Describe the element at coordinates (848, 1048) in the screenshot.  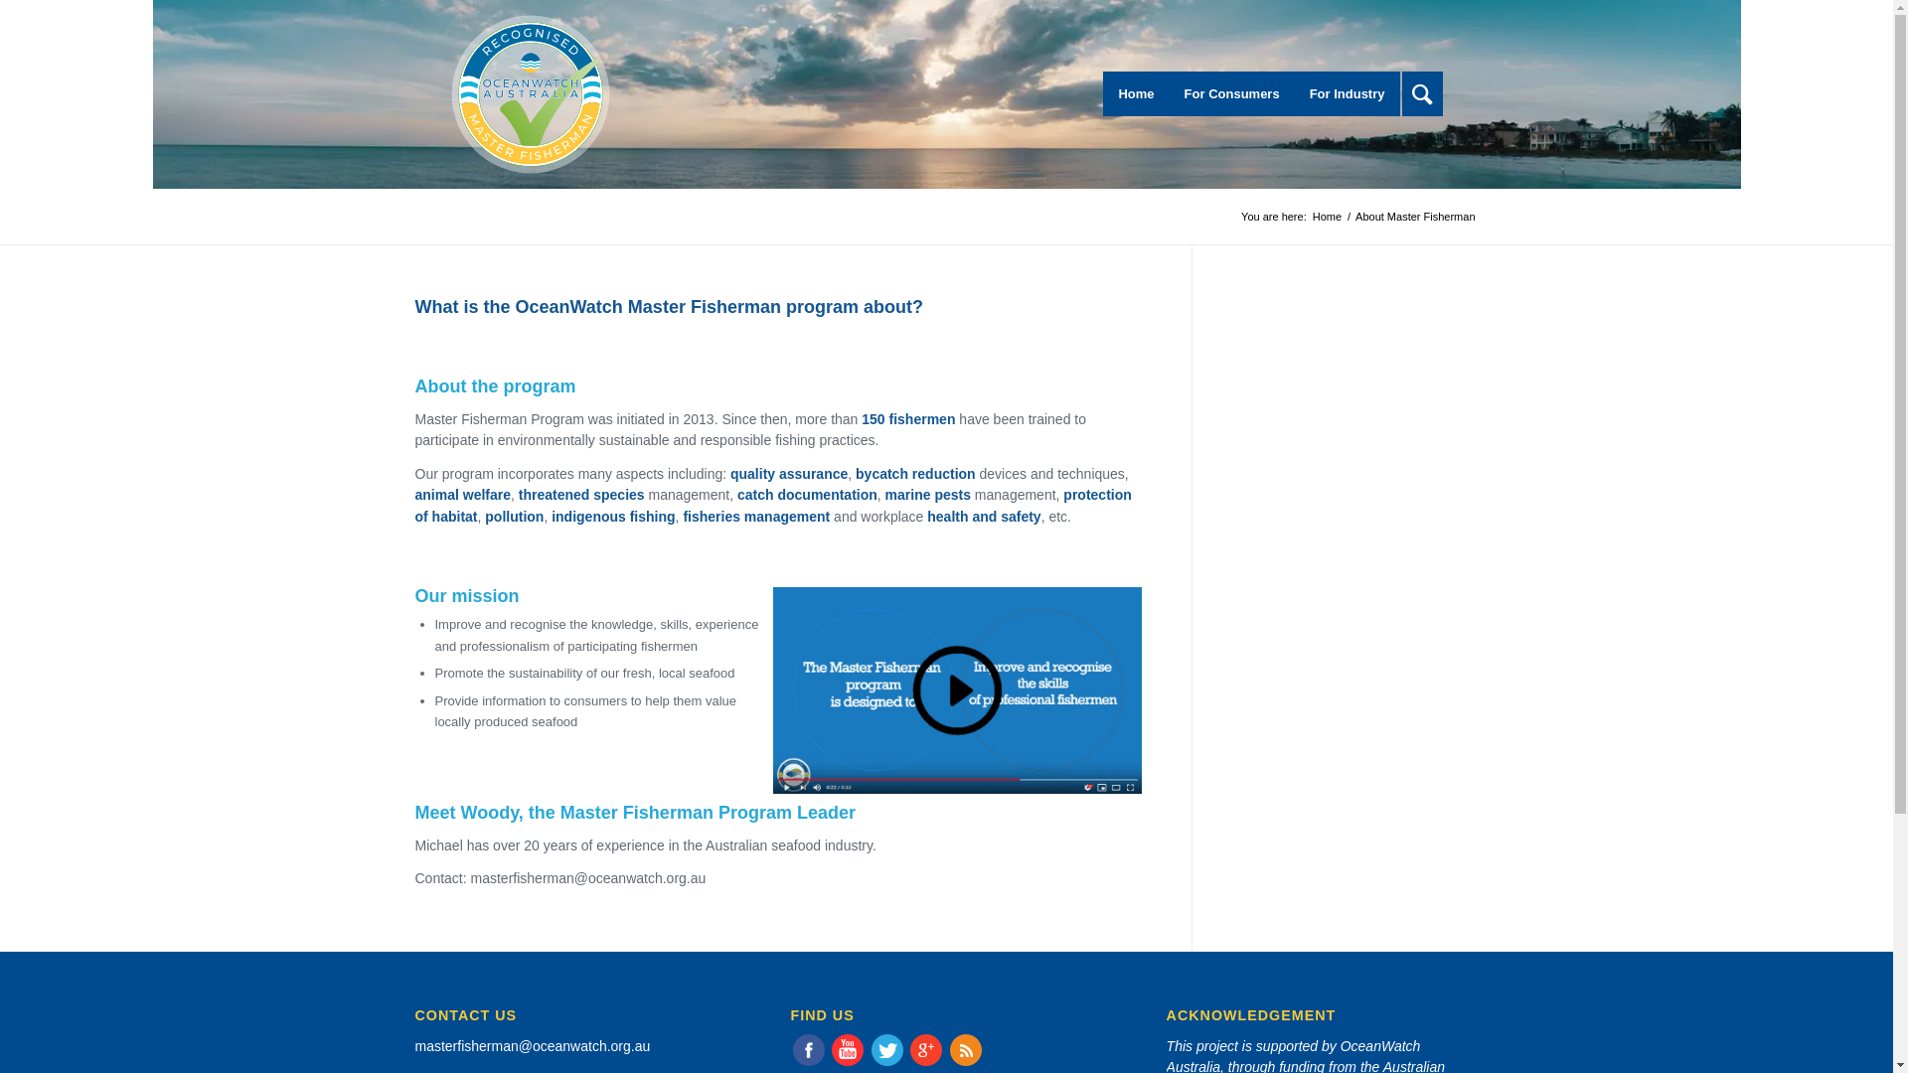
I see `'youtube'` at that location.